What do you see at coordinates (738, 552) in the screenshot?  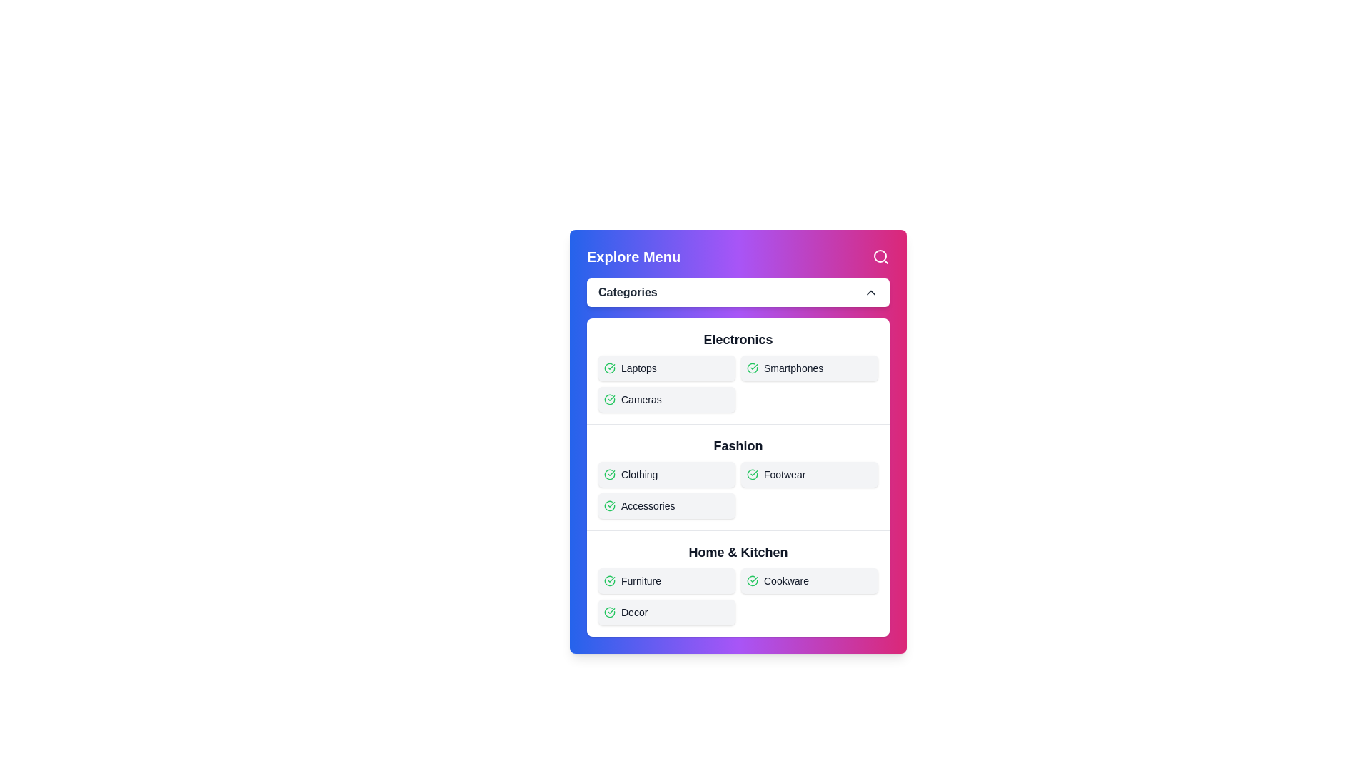 I see `the 'Home & Kitchen' text label, which is a bold and large font element located at the top of the menu section, below the 'Fashion' category` at bounding box center [738, 552].